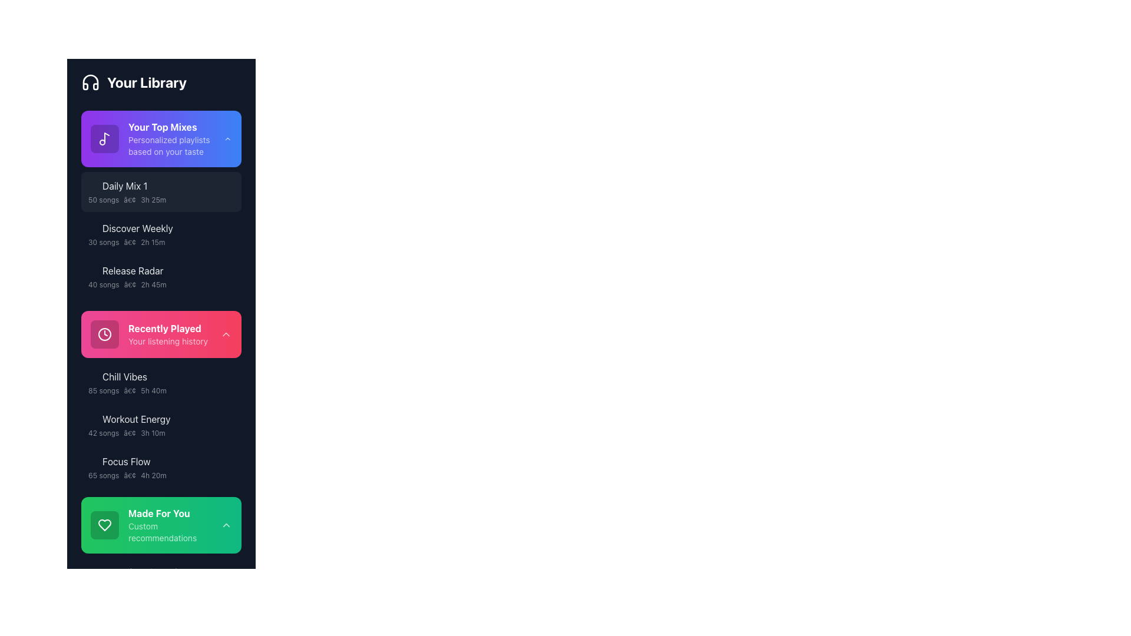 The image size is (1131, 636). What do you see at coordinates (167, 341) in the screenshot?
I see `the text label 'Your listening history' which is located below 'Recently Played' in the left sidebar, centered horizontally within the pink section` at bounding box center [167, 341].